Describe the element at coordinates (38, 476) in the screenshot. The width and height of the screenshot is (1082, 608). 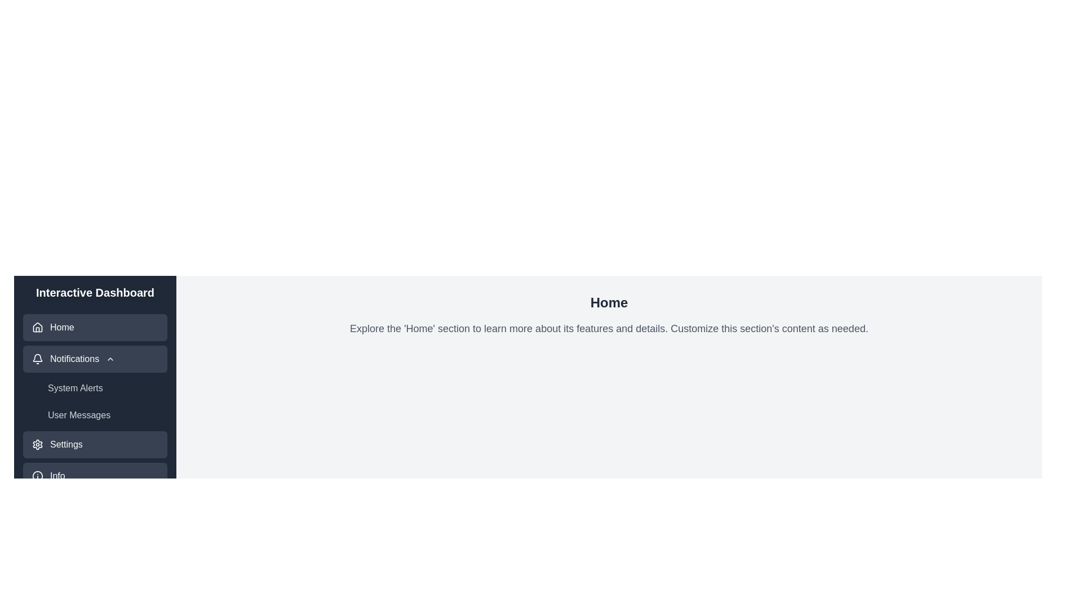
I see `the circular information icon located at the bottom of the left sidebar, preceding the 'Info' text label` at that location.